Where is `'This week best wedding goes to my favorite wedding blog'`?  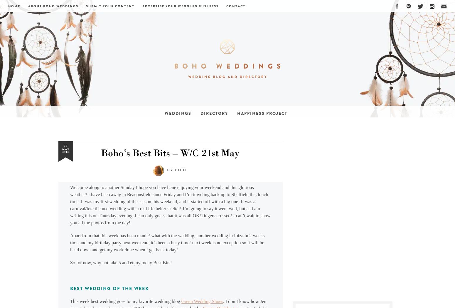
'This week best wedding goes to my favorite wedding blog' is located at coordinates (125, 301).